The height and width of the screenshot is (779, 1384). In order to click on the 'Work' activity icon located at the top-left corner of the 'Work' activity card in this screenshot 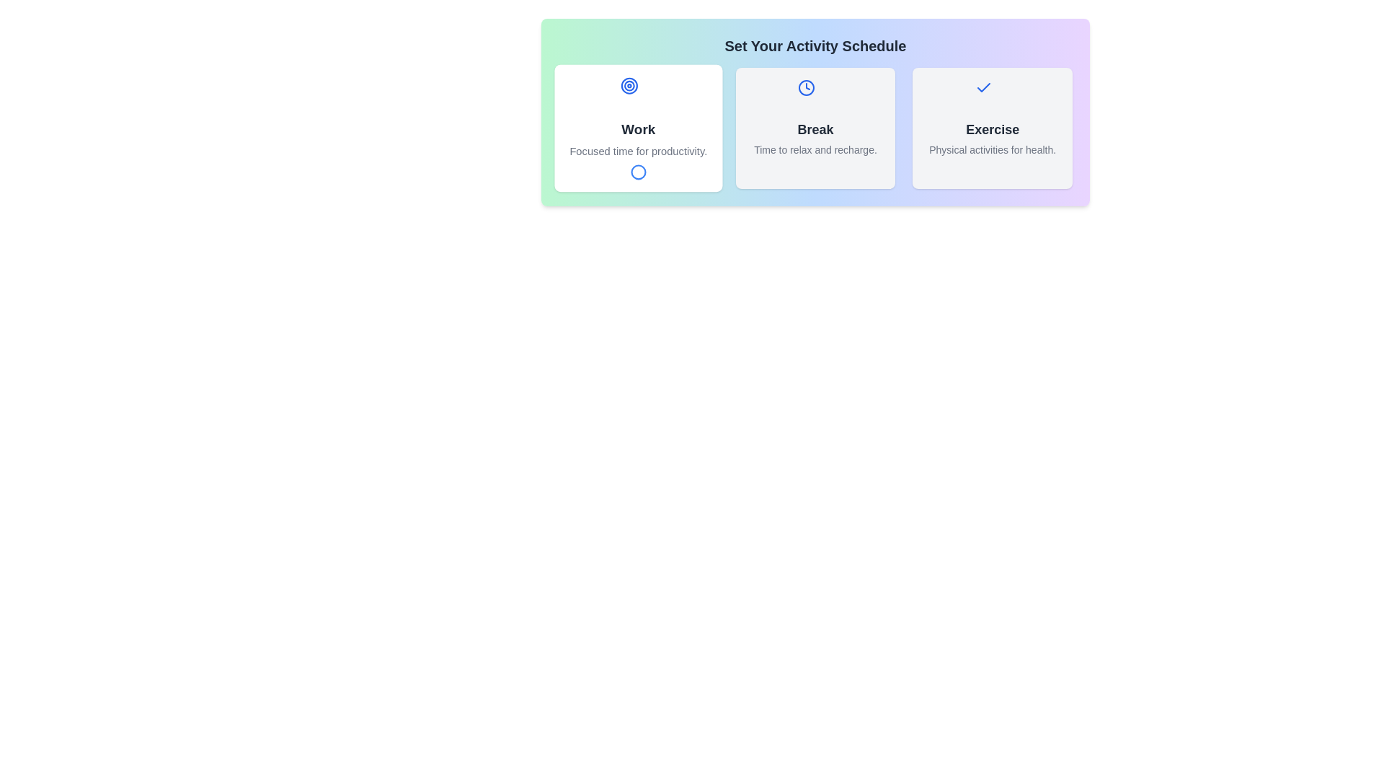, I will do `click(629, 86)`.